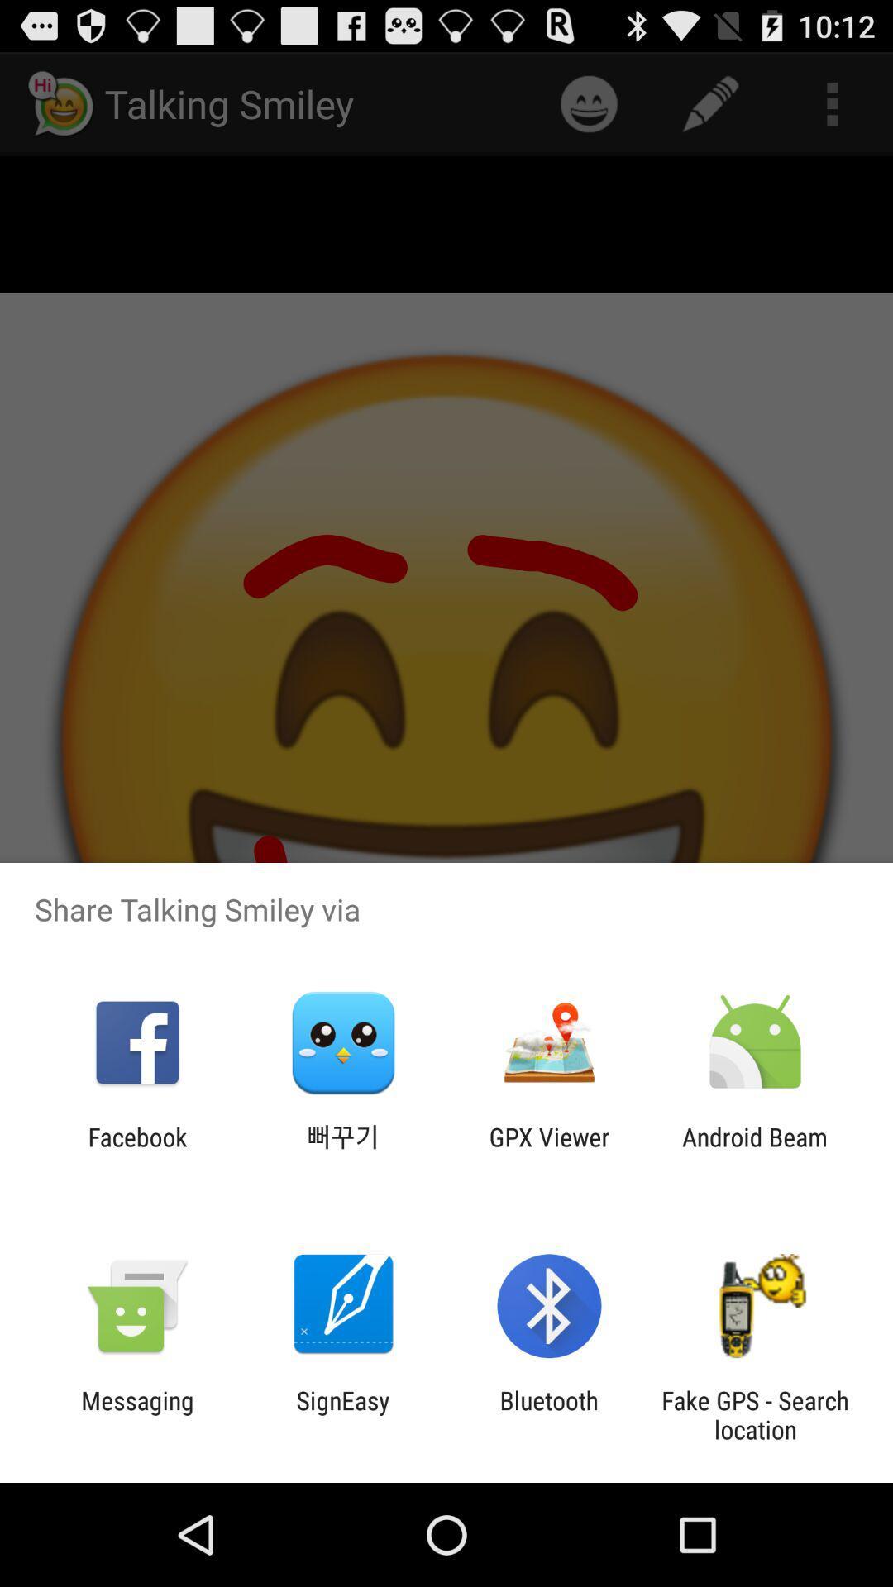 The height and width of the screenshot is (1587, 893). Describe the element at coordinates (342, 1414) in the screenshot. I see `the item to the left of the bluetooth item` at that location.